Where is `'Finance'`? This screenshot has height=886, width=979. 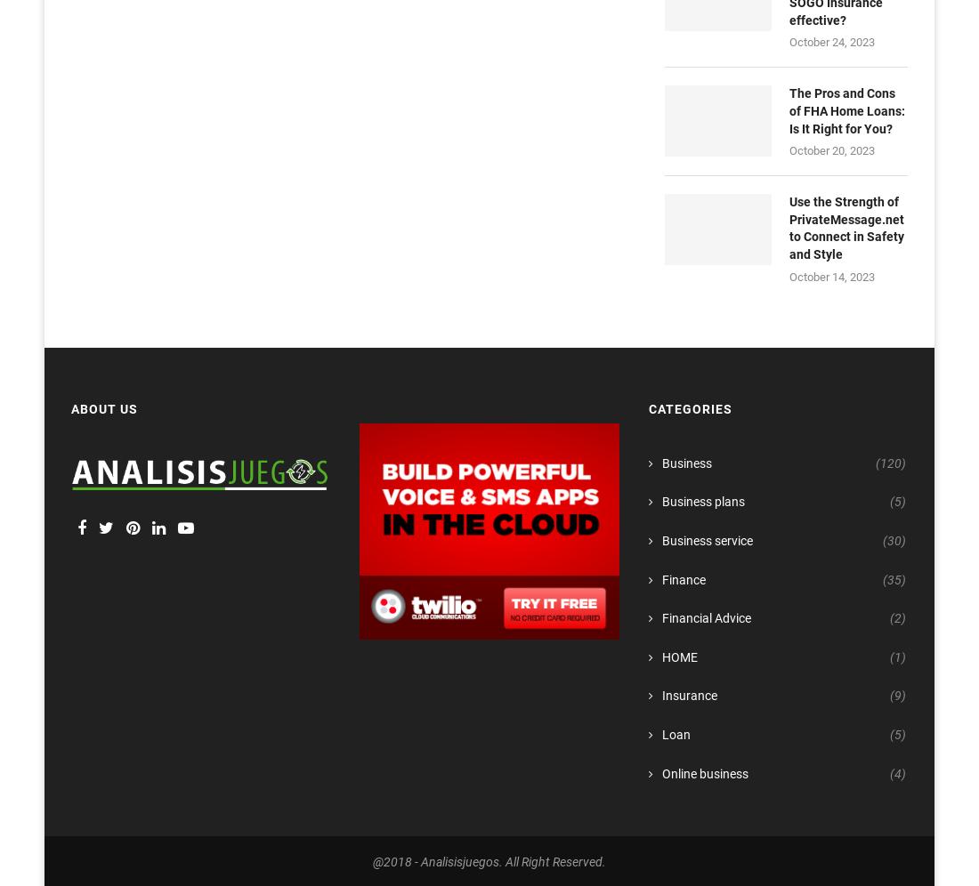
'Finance' is located at coordinates (683, 577).